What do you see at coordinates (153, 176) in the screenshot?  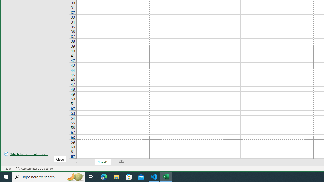 I see `'Visual Studio Code - 1 running window'` at bounding box center [153, 176].